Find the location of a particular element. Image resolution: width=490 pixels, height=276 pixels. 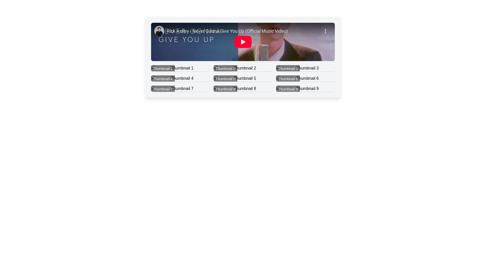

the second thumbnail in the first row of a grid layout, which visually represents related content is located at coordinates (242, 68).